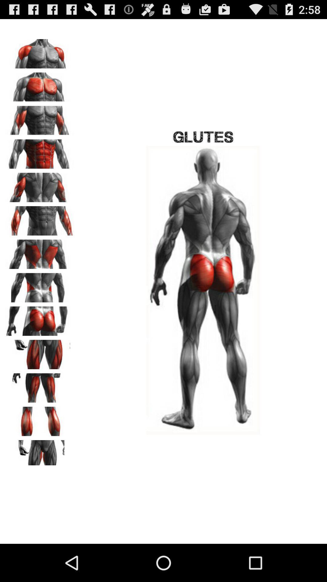 This screenshot has width=327, height=582. I want to click on leg, so click(40, 419).